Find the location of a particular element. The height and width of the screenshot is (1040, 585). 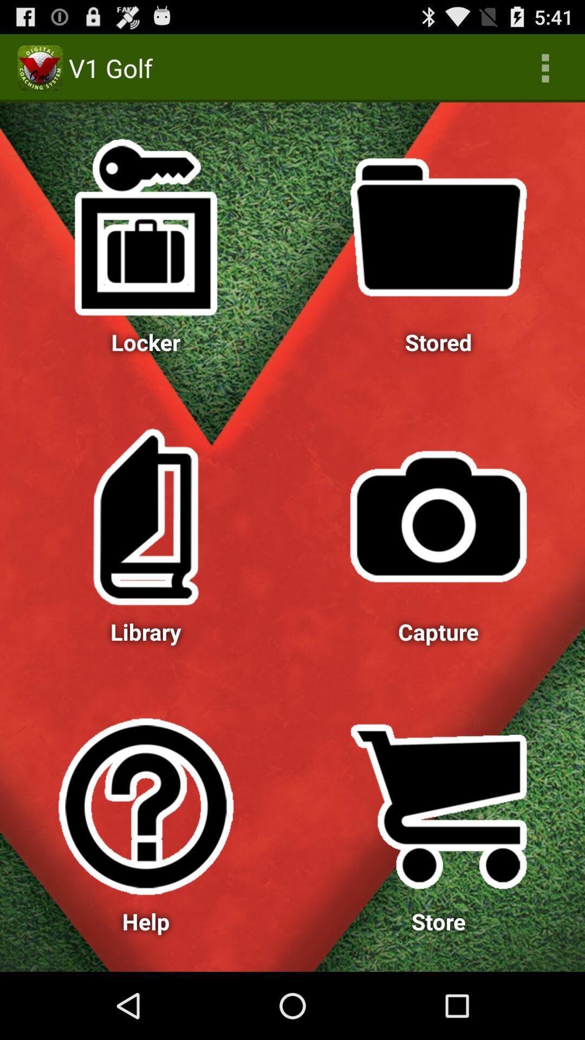

app to the right of v1 golf is located at coordinates (545, 67).